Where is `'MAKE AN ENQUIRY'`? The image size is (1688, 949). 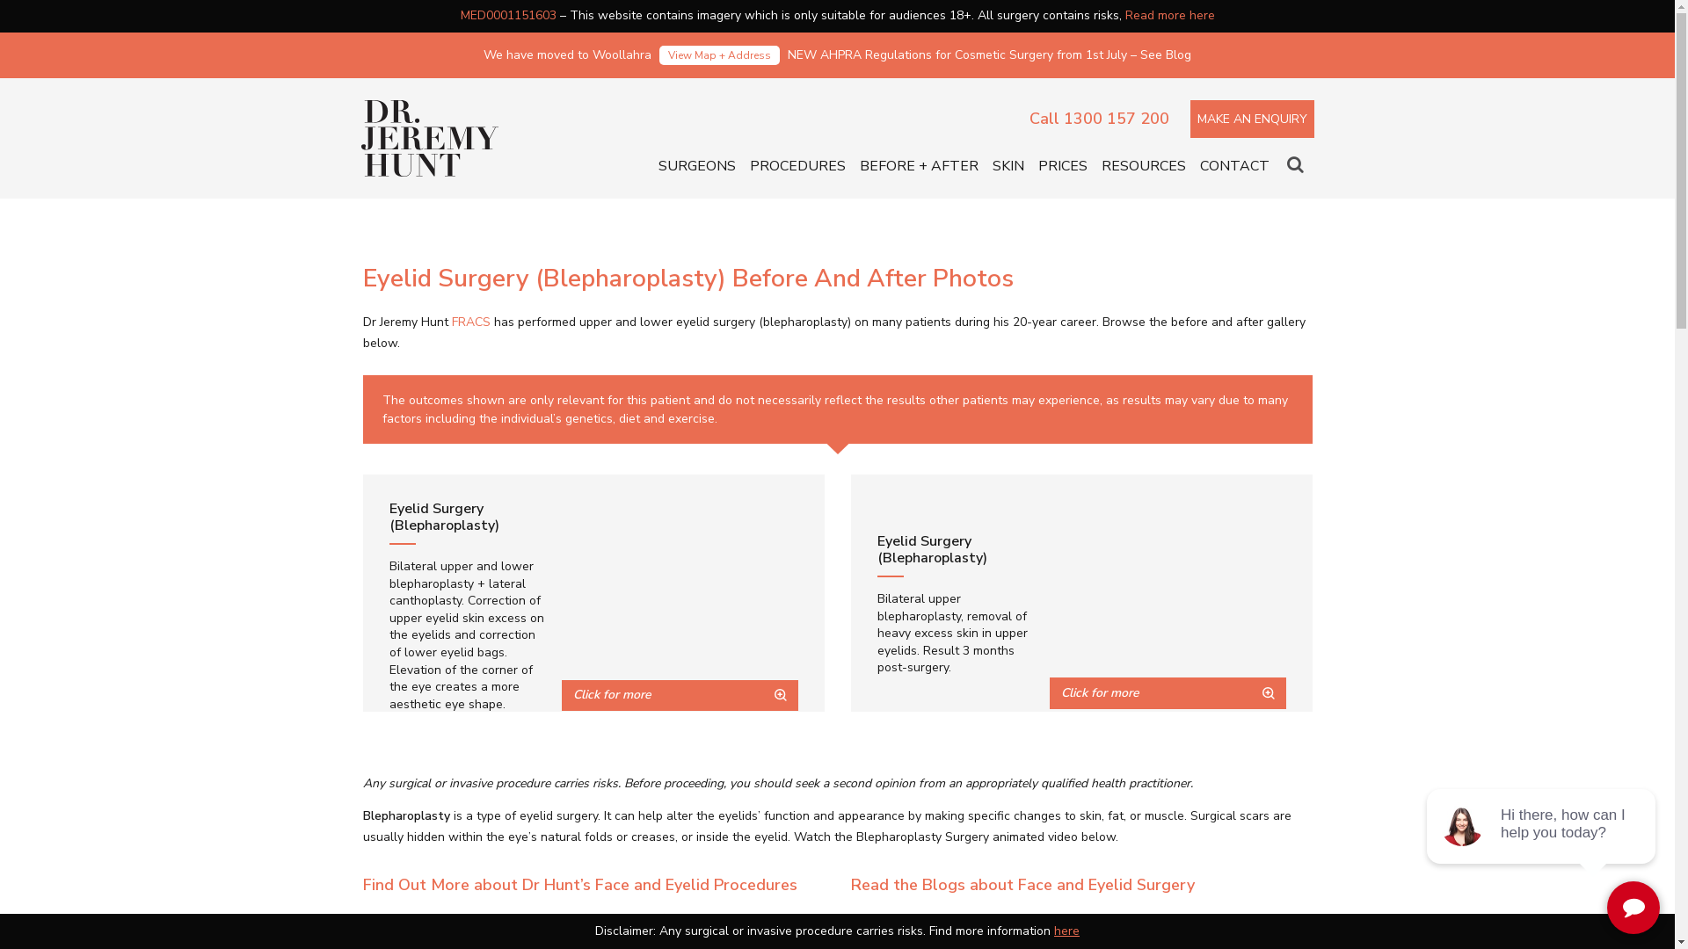
'MAKE AN ENQUIRY' is located at coordinates (1251, 119).